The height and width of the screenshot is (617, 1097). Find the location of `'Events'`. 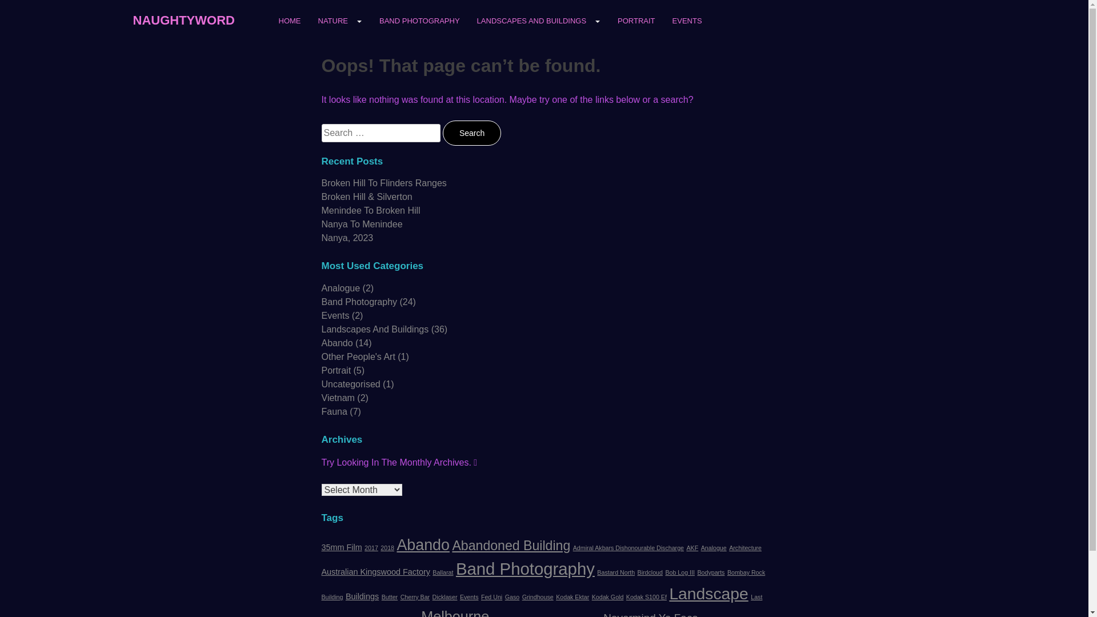

'Events' is located at coordinates (469, 596).